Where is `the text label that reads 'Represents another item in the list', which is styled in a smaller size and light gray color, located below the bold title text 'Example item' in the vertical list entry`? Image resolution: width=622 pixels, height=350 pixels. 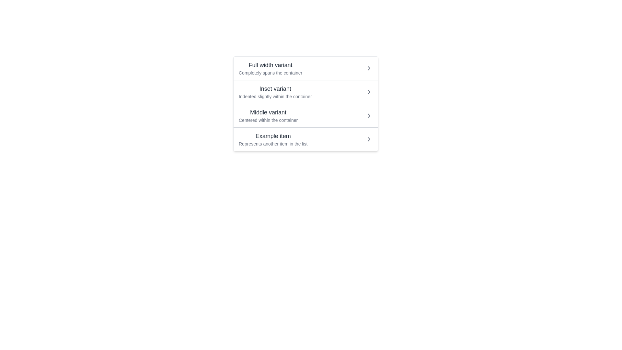
the text label that reads 'Represents another item in the list', which is styled in a smaller size and light gray color, located below the bold title text 'Example item' in the vertical list entry is located at coordinates (273, 143).